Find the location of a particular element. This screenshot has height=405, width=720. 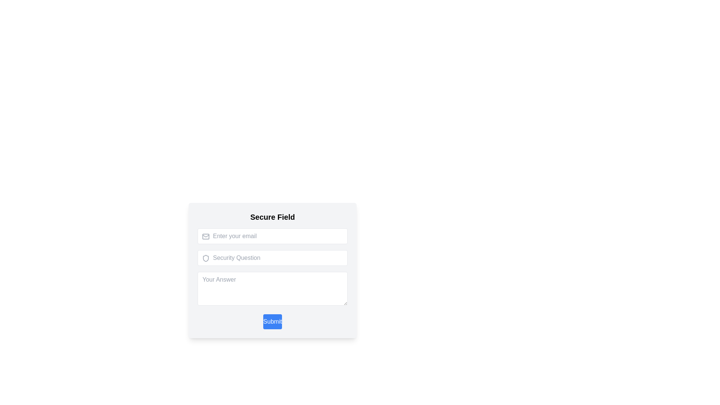

the envelope icon, which is a minimalistic outline design positioned to the left of the 'Enter your email' input field is located at coordinates (205, 237).